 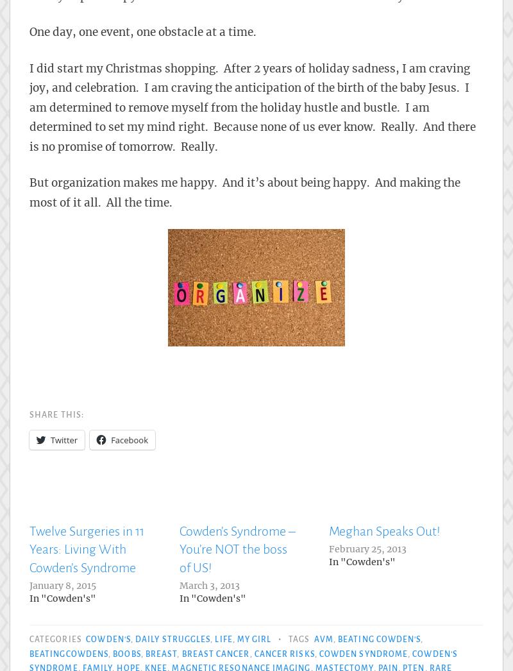 What do you see at coordinates (283, 654) in the screenshot?
I see `'cancer risks'` at bounding box center [283, 654].